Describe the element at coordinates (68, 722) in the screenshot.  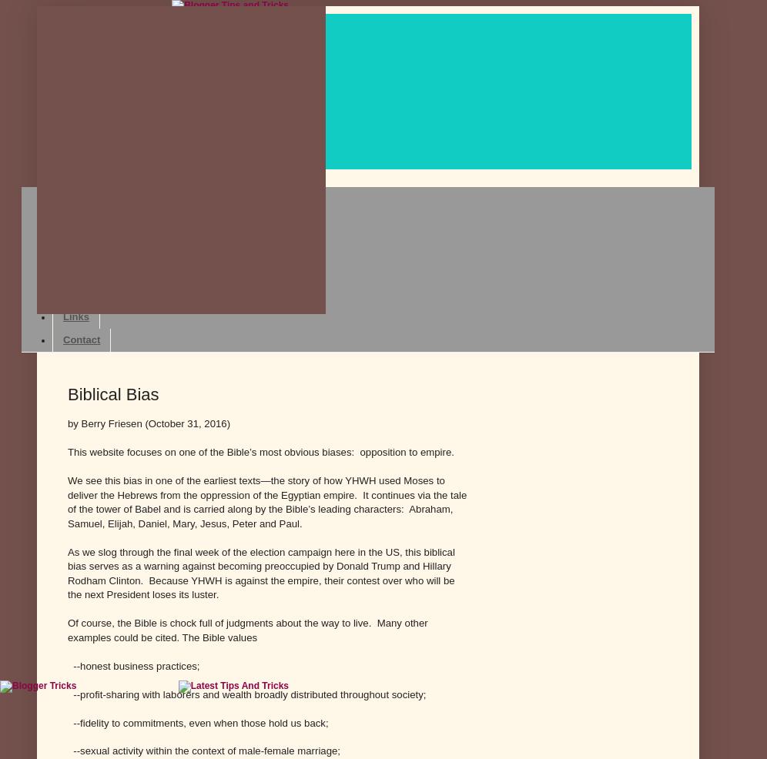
I see `'--fidelity to commitments, even when those hold us back;'` at that location.